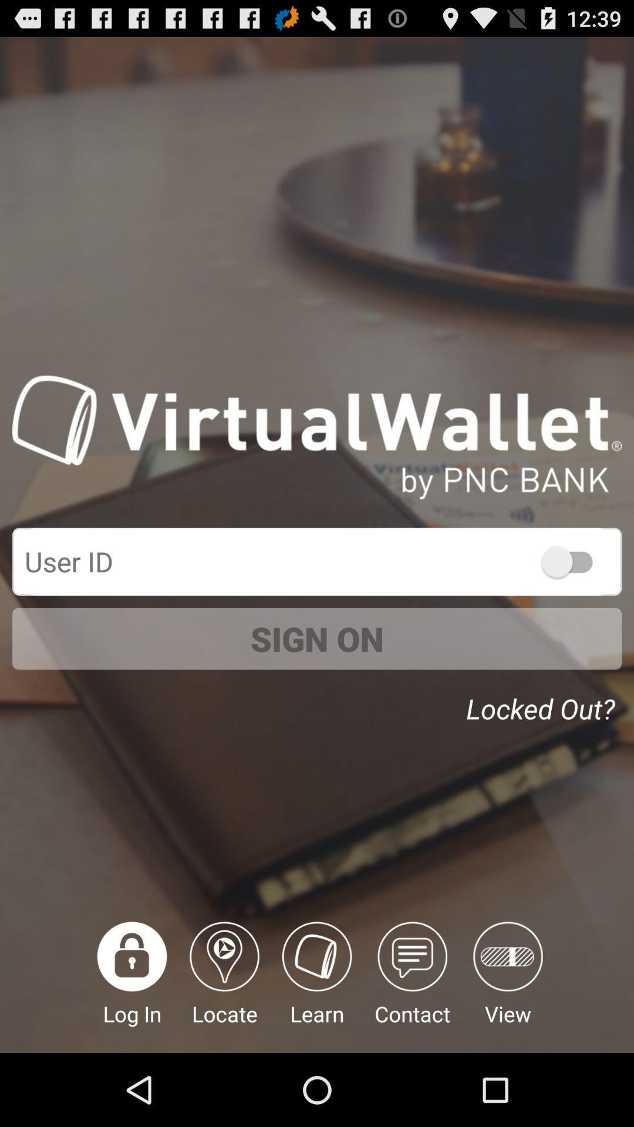  What do you see at coordinates (412, 987) in the screenshot?
I see `icon next to the view icon` at bounding box center [412, 987].